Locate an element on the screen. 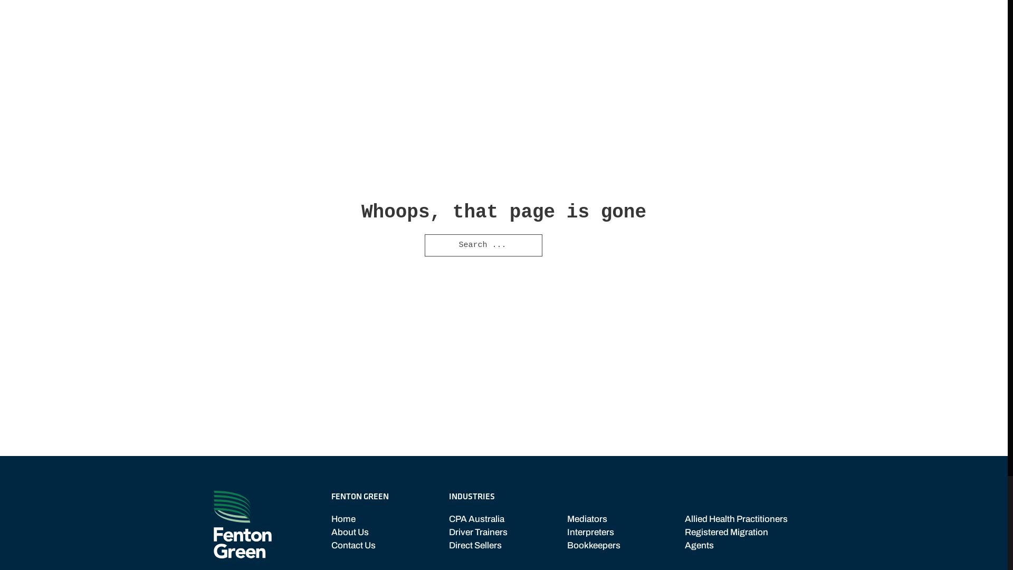  'Mediators' is located at coordinates (594, 518).